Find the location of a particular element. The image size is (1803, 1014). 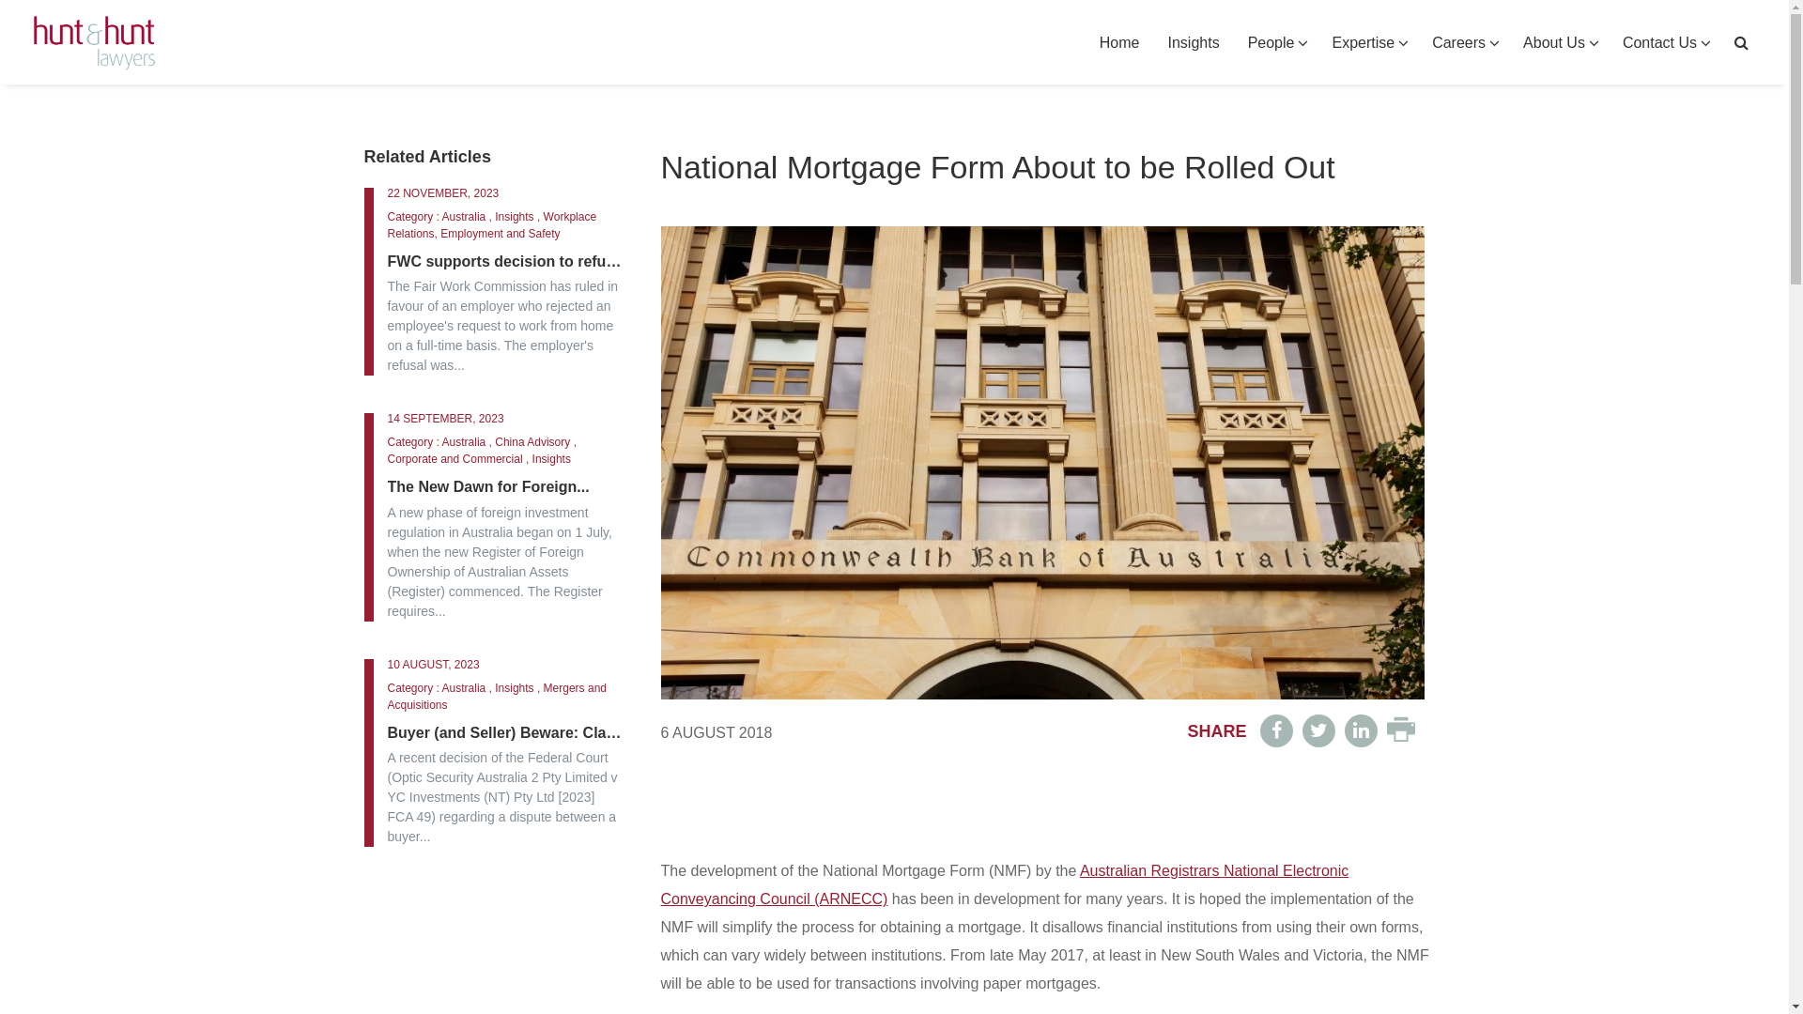

'People' is located at coordinates (1275, 42).